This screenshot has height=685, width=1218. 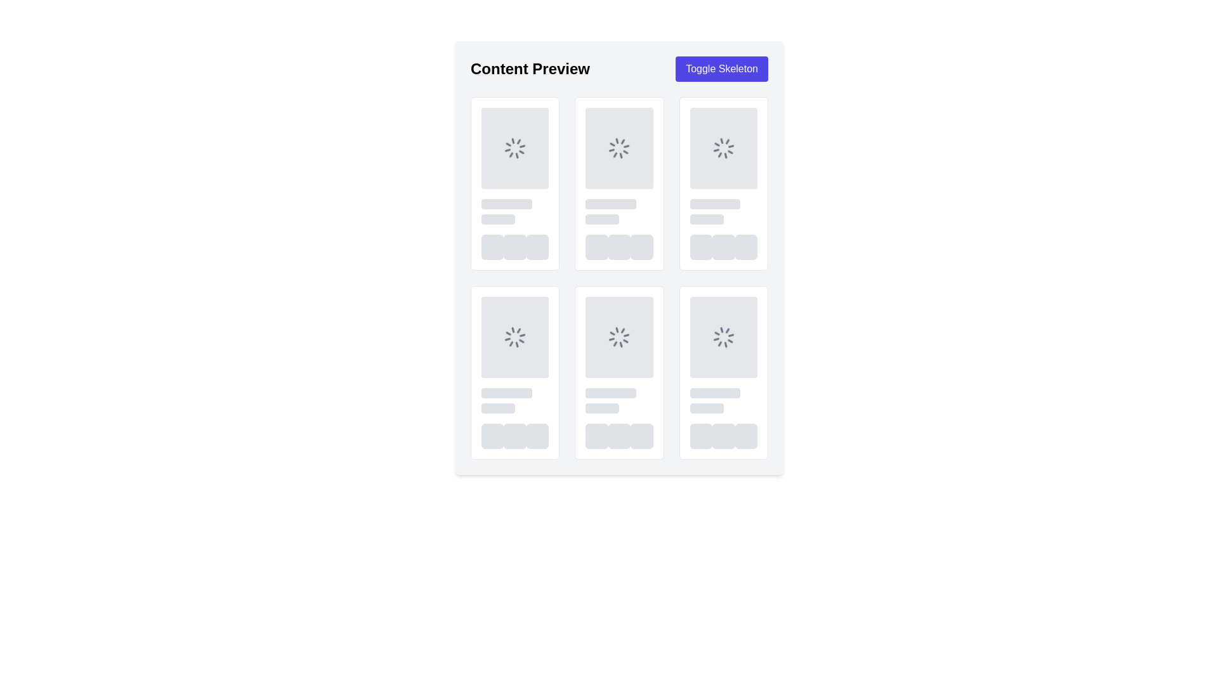 I want to click on the Loading Card Placeholder, which is the sixth card in a grid layout, located in the bottom-right corner, indicating a loading state, so click(x=723, y=372).